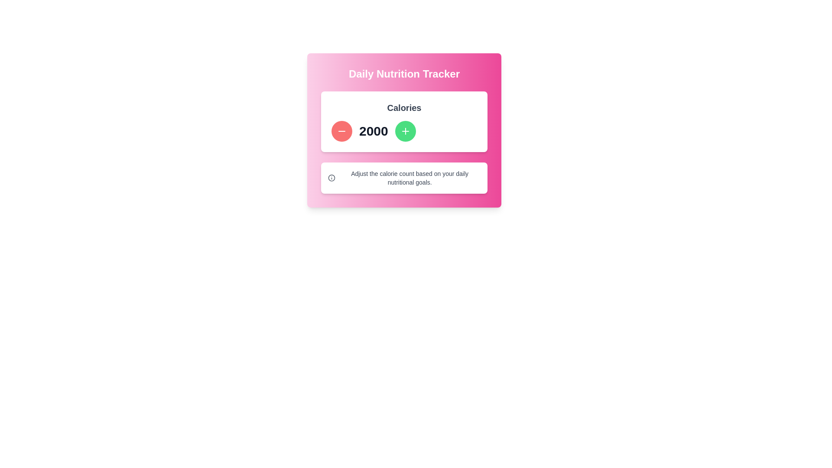 This screenshot has height=468, width=832. Describe the element at coordinates (403, 131) in the screenshot. I see `the plus button to increase the value displayed in the central numerical display of the composite component located below the title 'Calories'` at that location.